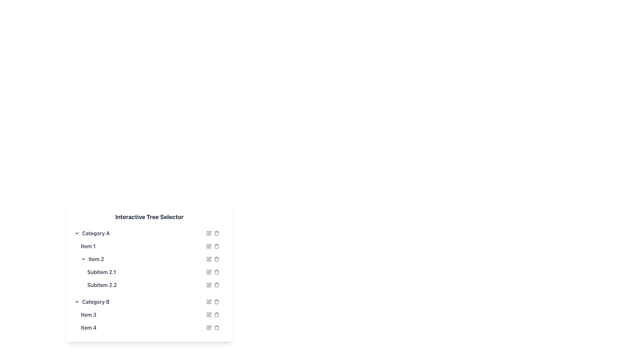  I want to click on the editing icon represented as a rectangular button with rounded corners located to the right of 'Subitem 2.2' in the nested list under 'Item 2' in category 'Category A', so click(209, 285).